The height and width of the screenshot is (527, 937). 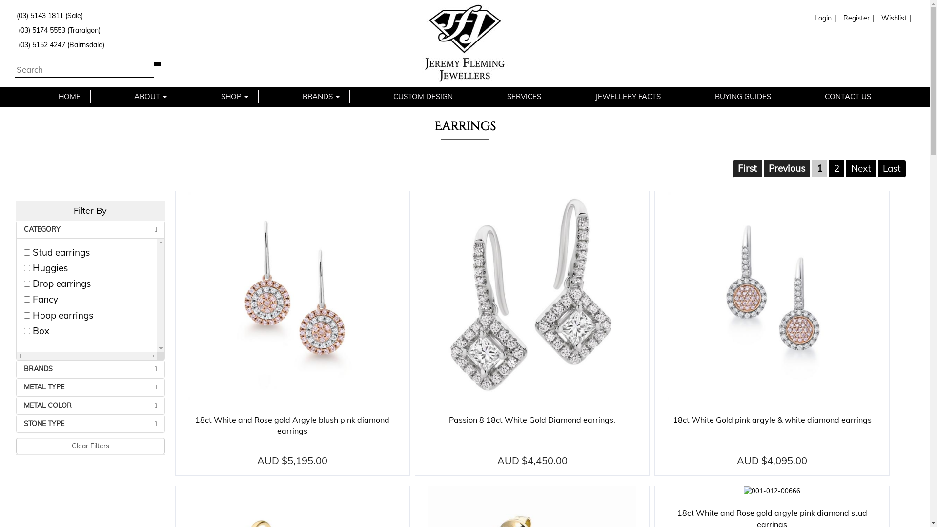 What do you see at coordinates (423, 96) in the screenshot?
I see `'CUSTOM DESIGN'` at bounding box center [423, 96].